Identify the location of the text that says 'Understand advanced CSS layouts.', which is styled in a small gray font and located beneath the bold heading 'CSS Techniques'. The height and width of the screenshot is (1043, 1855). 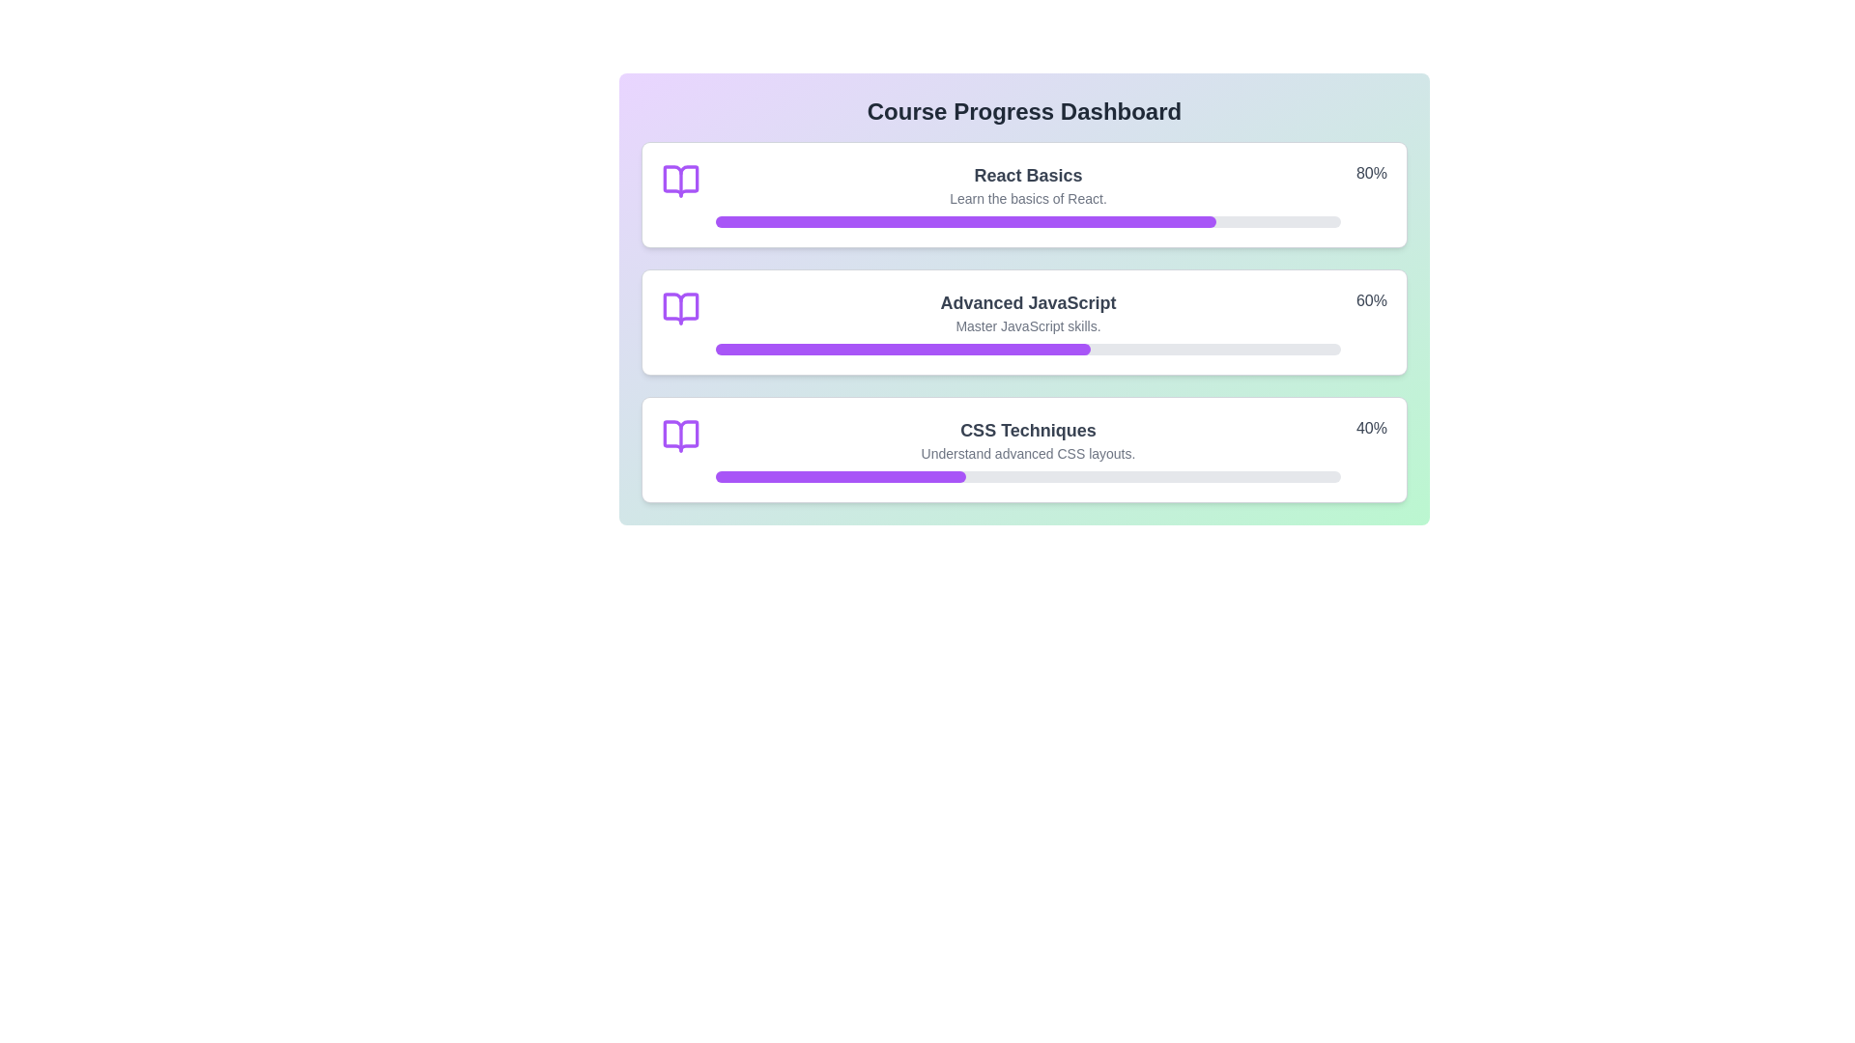
(1027, 454).